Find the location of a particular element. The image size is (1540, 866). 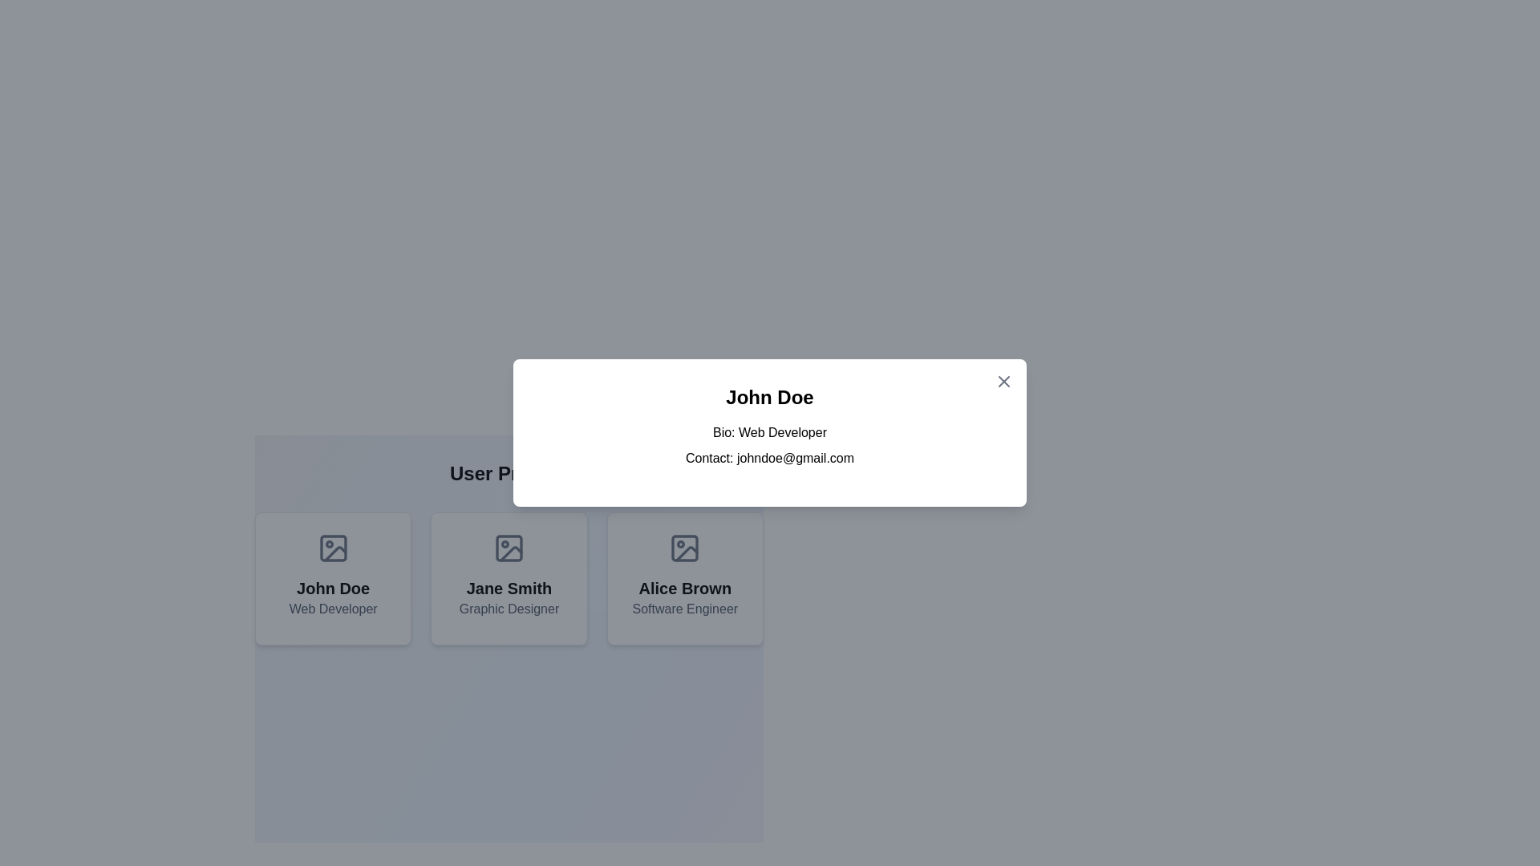

text displayed as 'John Doe', which serves as a label or title within the bordered card-like component is located at coordinates (332, 588).